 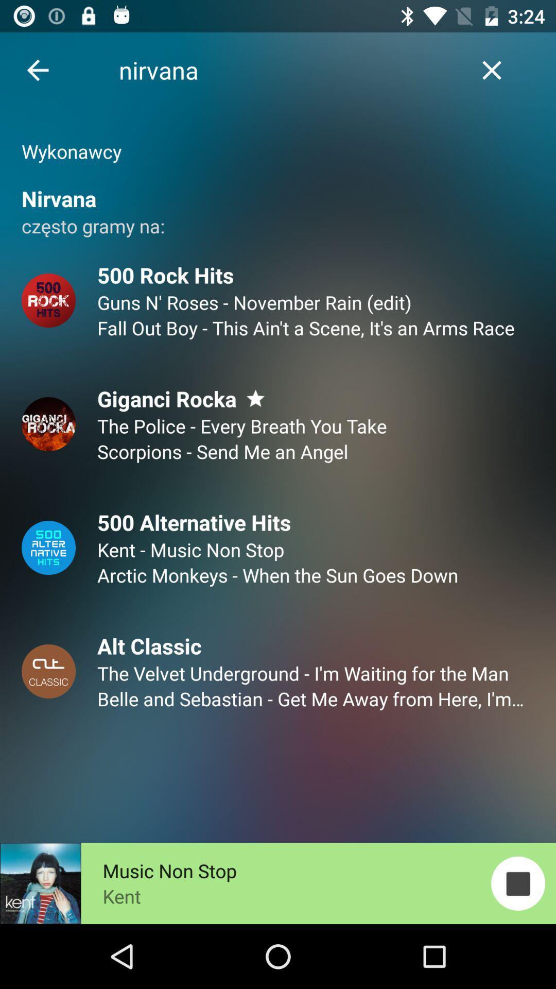 What do you see at coordinates (491, 70) in the screenshot?
I see `item above wykonawcy item` at bounding box center [491, 70].